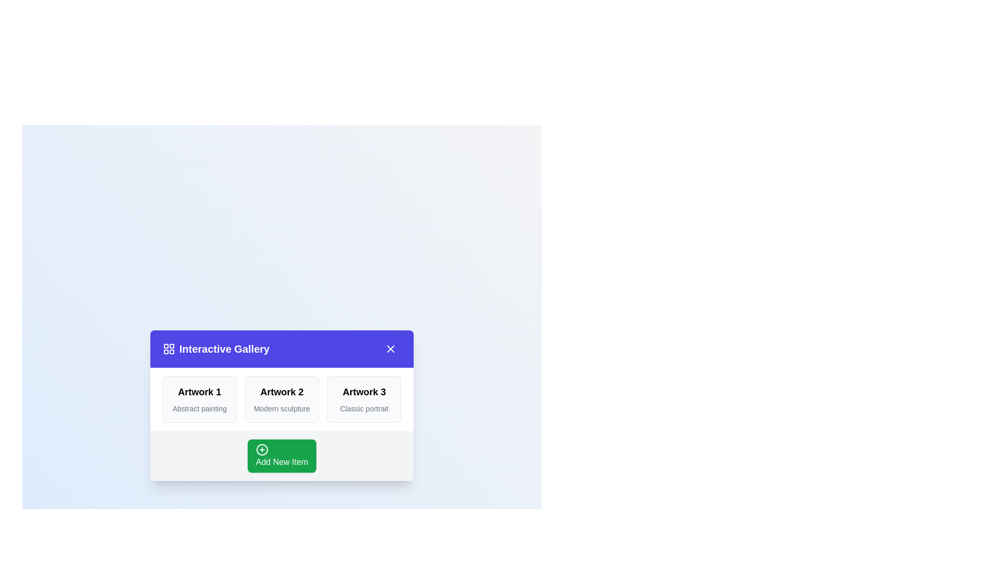  I want to click on the 'Add New Item' button to add a new item to the gallery, so click(282, 456).